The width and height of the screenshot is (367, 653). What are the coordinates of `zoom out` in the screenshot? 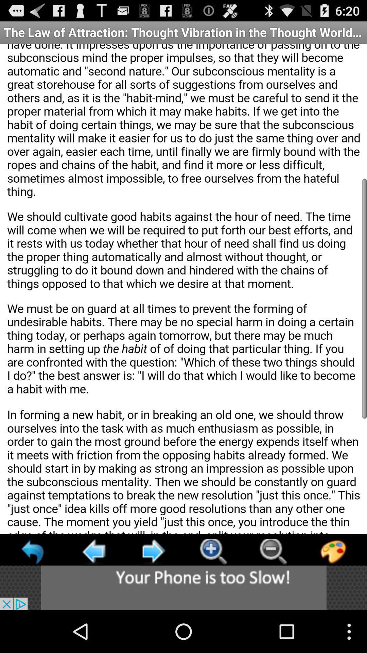 It's located at (273, 551).